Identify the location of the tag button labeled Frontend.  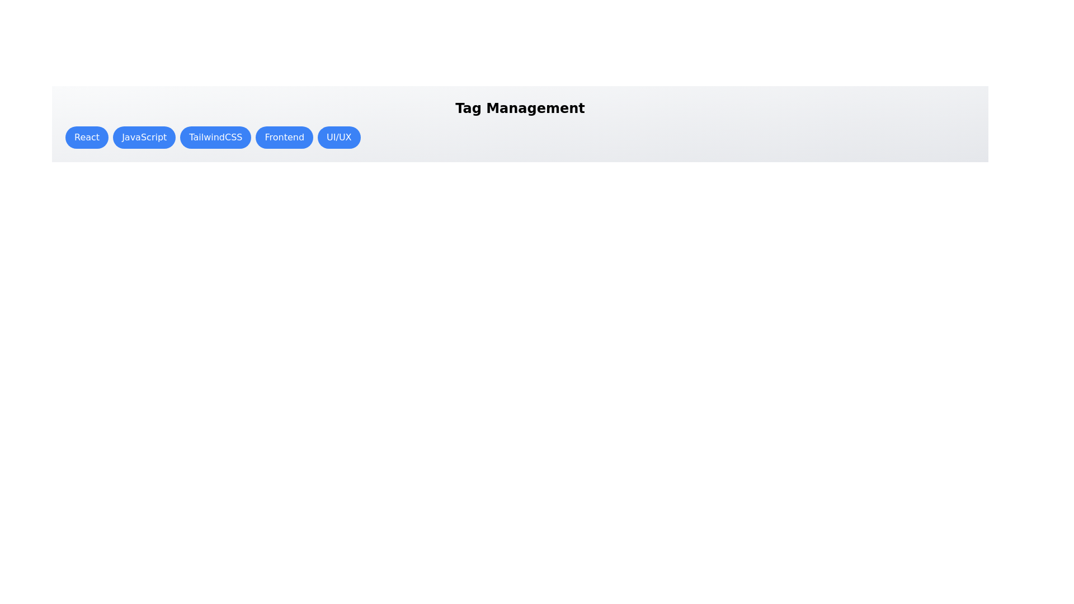
(284, 137).